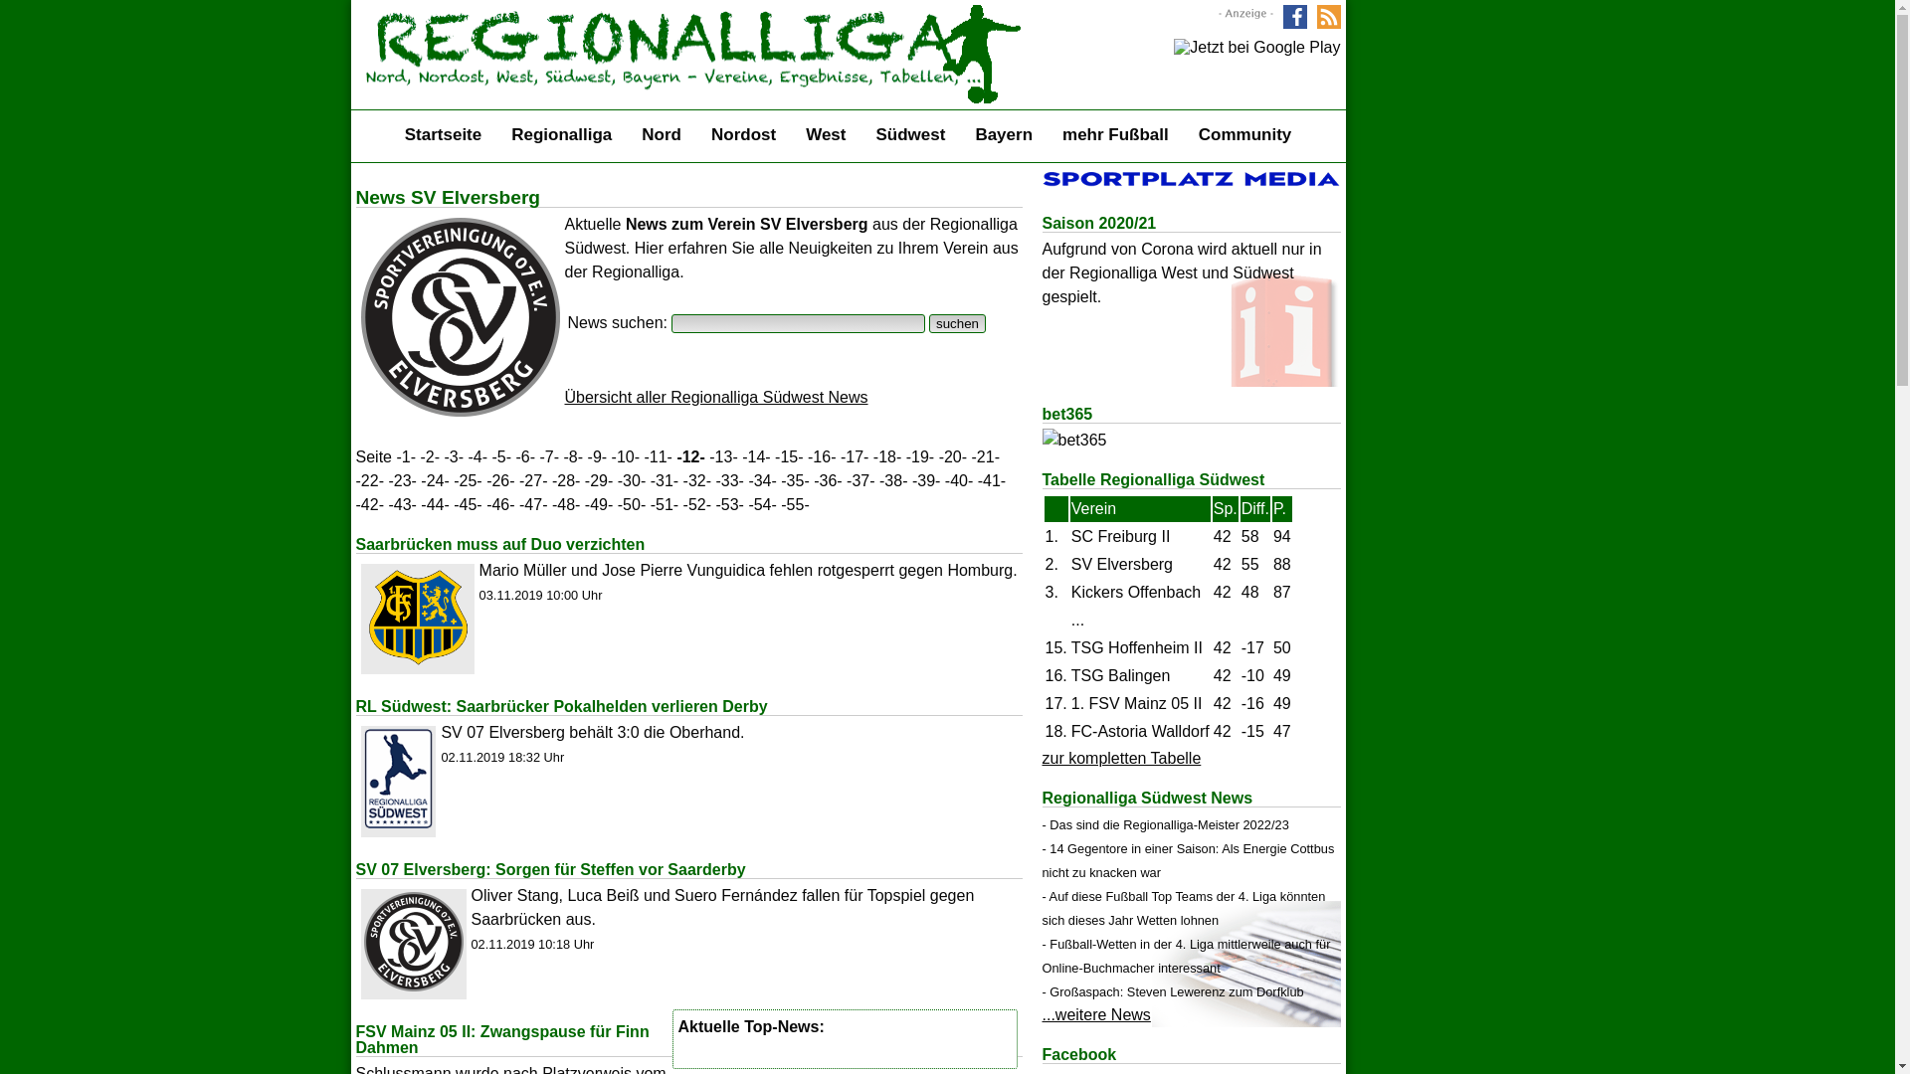  What do you see at coordinates (565, 503) in the screenshot?
I see `'-48-'` at bounding box center [565, 503].